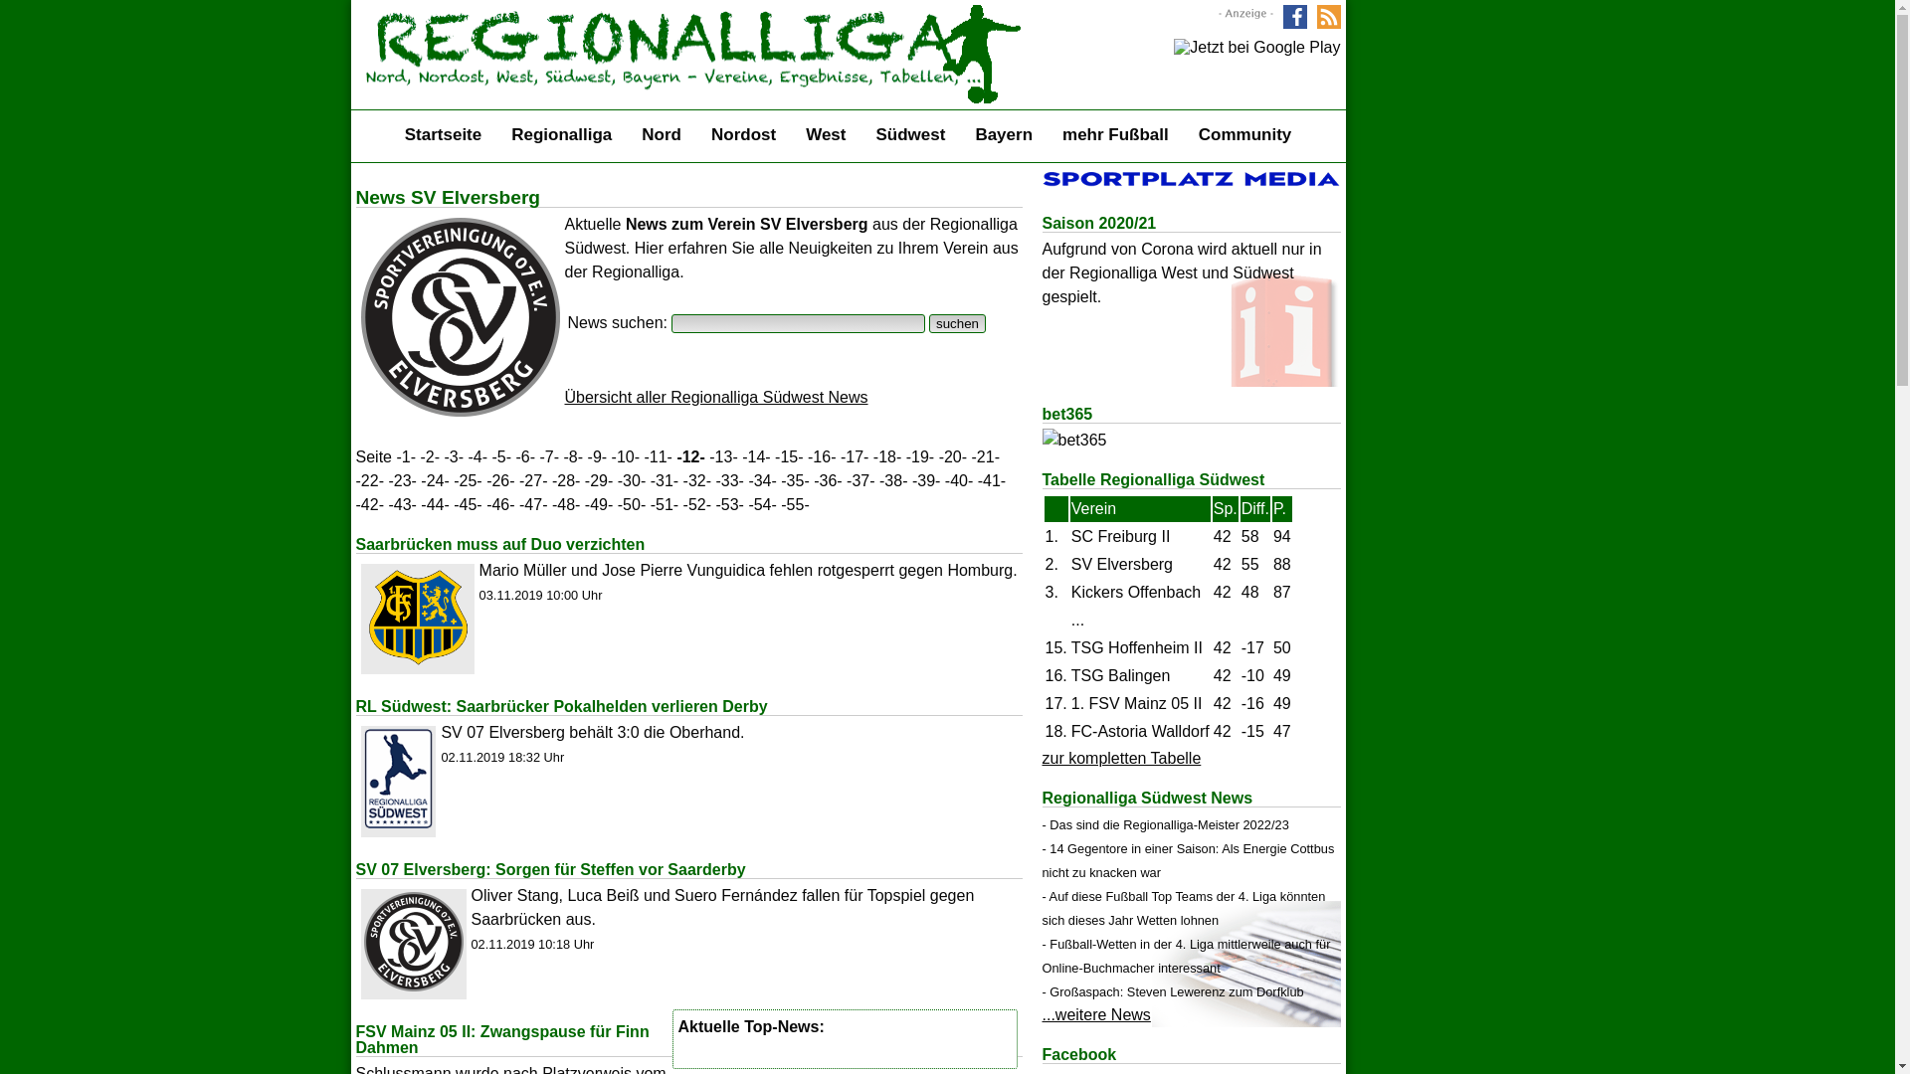  What do you see at coordinates (565, 503) in the screenshot?
I see `'-48-'` at bounding box center [565, 503].